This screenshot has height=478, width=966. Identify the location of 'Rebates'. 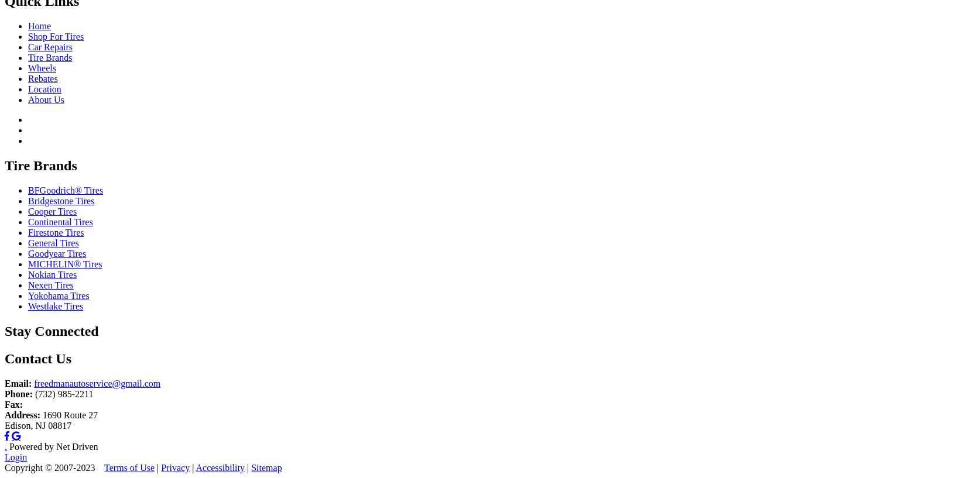
(42, 78).